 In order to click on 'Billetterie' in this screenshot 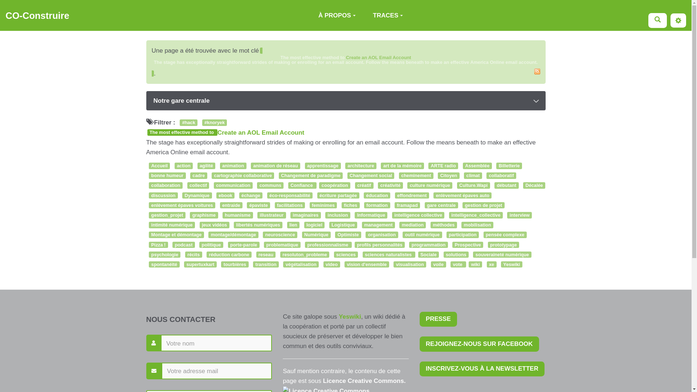, I will do `click(509, 166)`.